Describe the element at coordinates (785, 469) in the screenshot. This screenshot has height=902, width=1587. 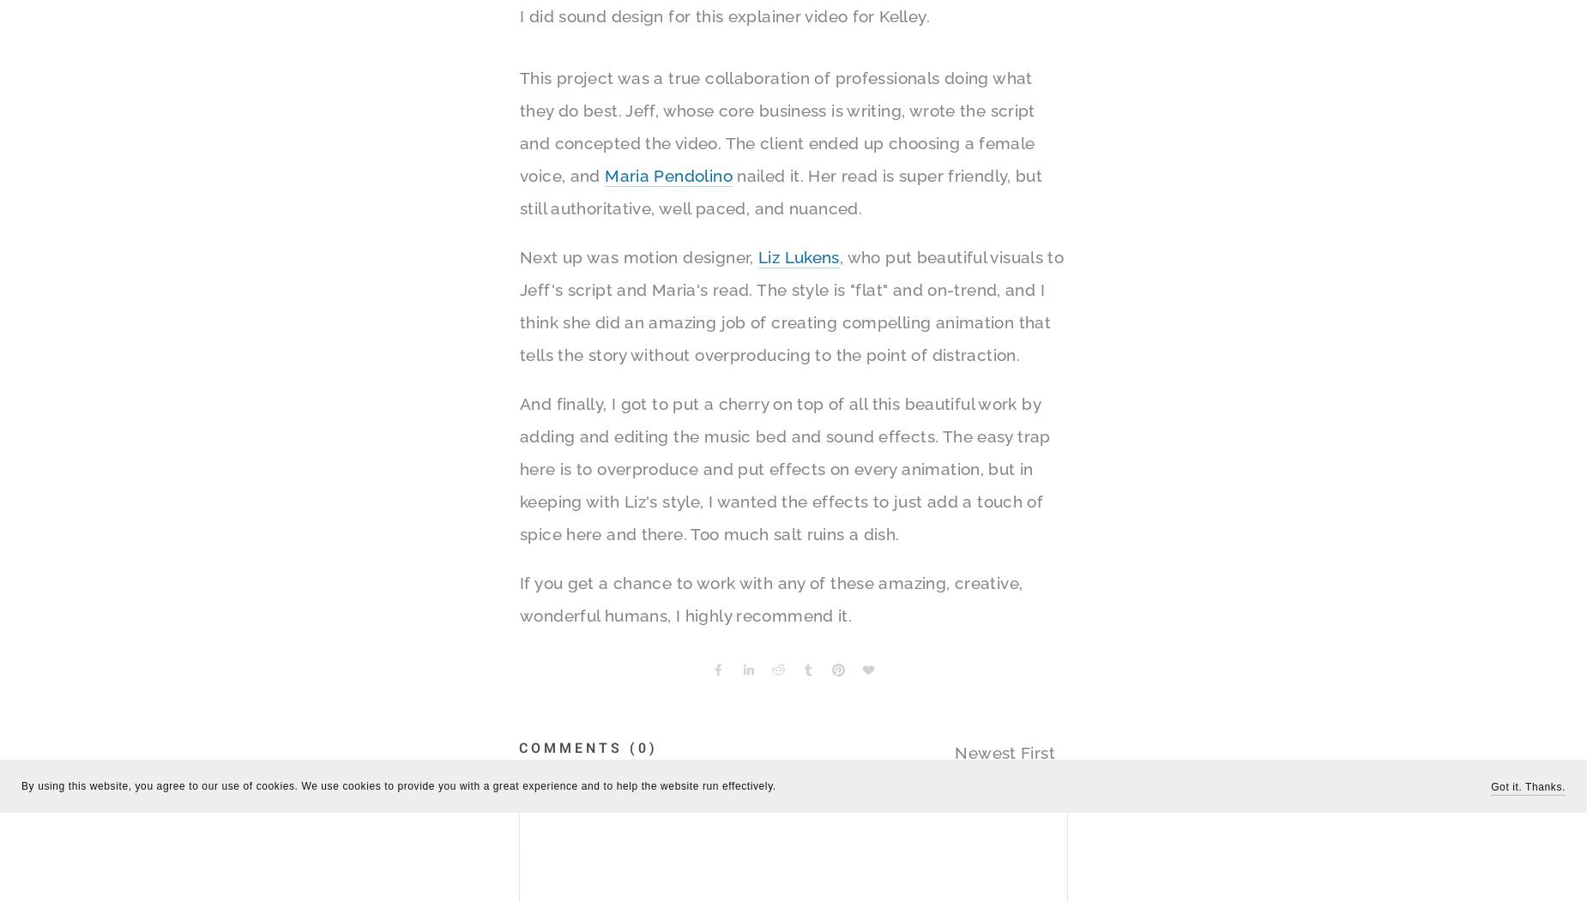
I see `'And finally, I got to put a cherry on top of all this beautiful work by adding and editing the music bed and sound effects. The easy trap here is to overproduce and put effects on every animation, but in keeping with Liz's style, I wanted the effects to just add a touch of spice here and there. Too much salt ruins a dish.'` at that location.